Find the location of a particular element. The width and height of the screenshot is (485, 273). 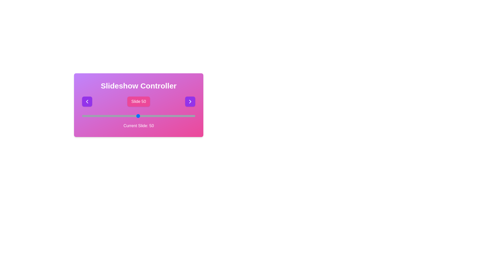

the left arrow button to navigate to the previous slide is located at coordinates (87, 101).